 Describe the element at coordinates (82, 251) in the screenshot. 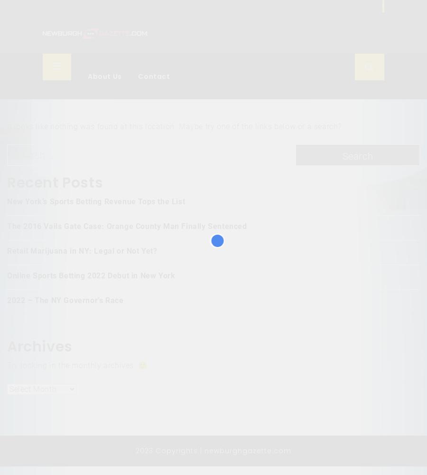

I see `'Retail Marijuana in NY: Legal or Not Yet?'` at that location.